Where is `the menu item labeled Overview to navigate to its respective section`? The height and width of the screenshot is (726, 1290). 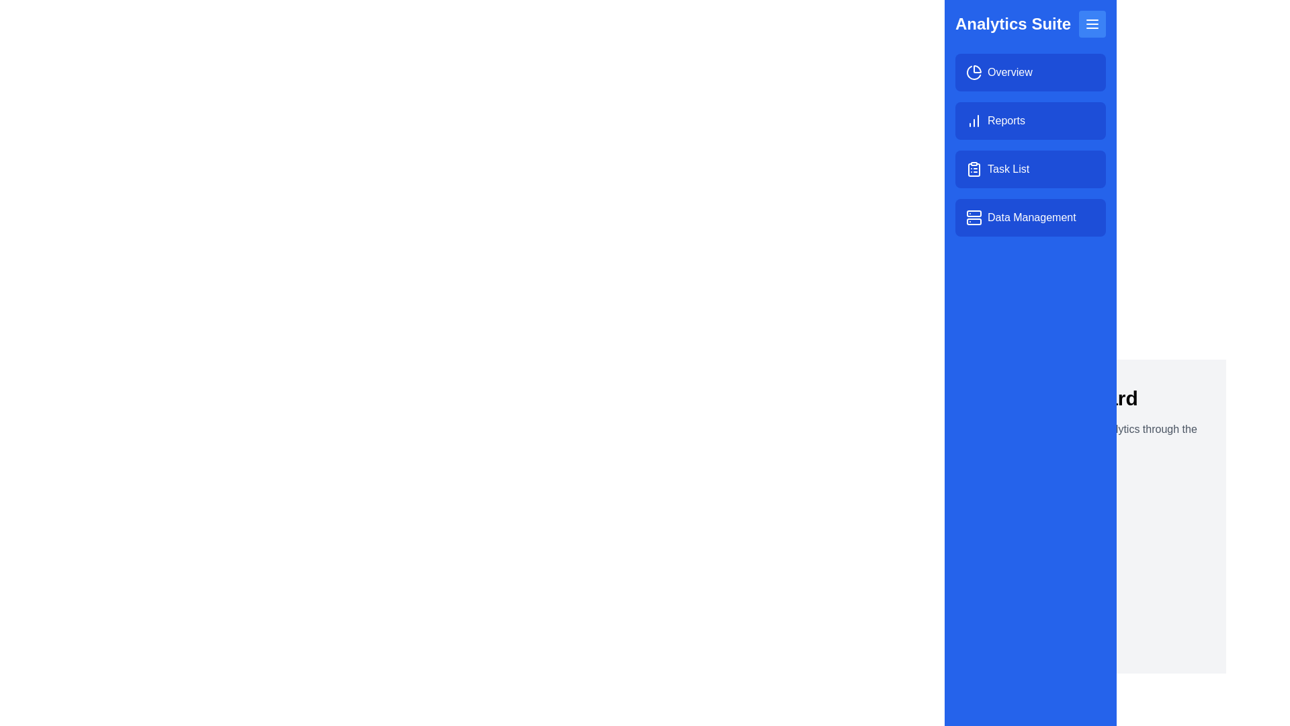 the menu item labeled Overview to navigate to its respective section is located at coordinates (1030, 73).